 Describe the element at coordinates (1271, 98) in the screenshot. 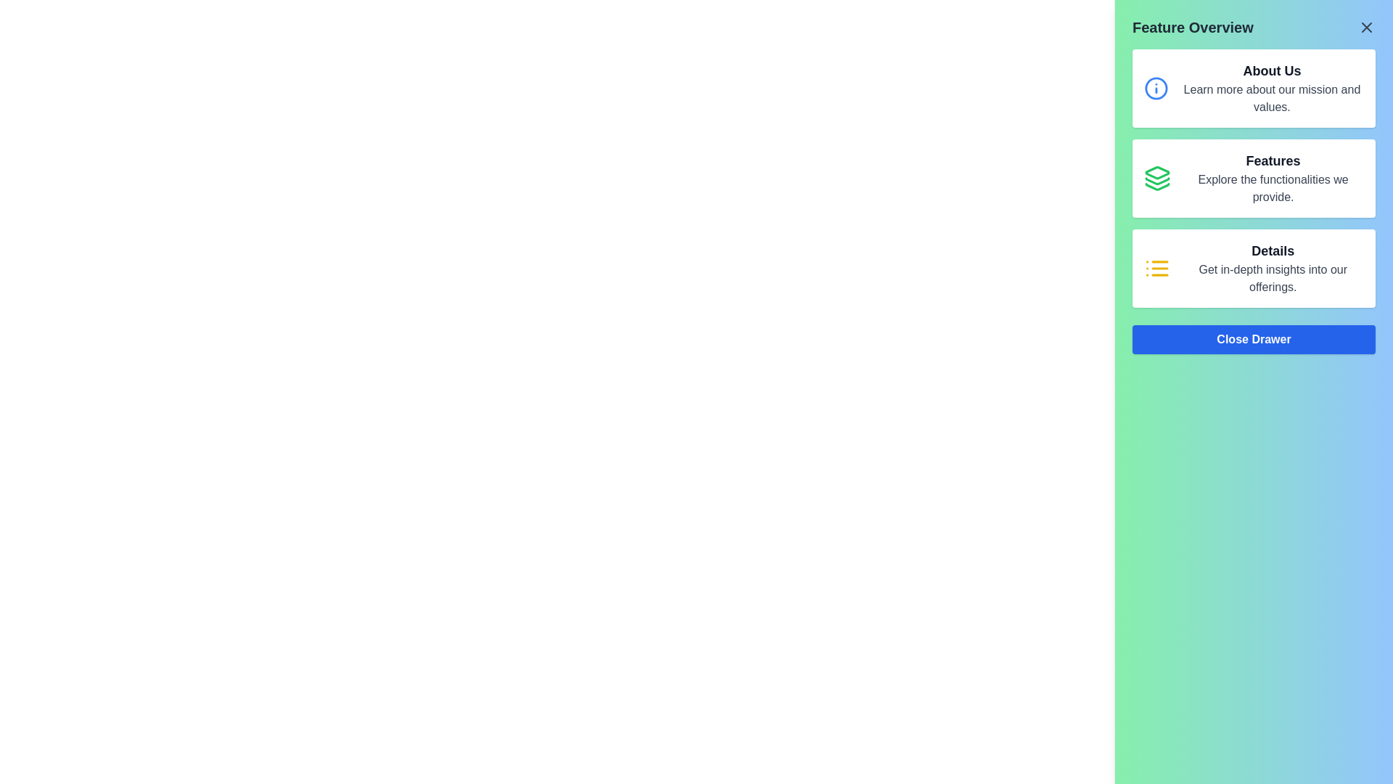

I see `text label stating 'Learn more about our mission and values.' which is styled in gray font and positioned below the 'About Us' header in the top card of the feature overview drawer` at that location.